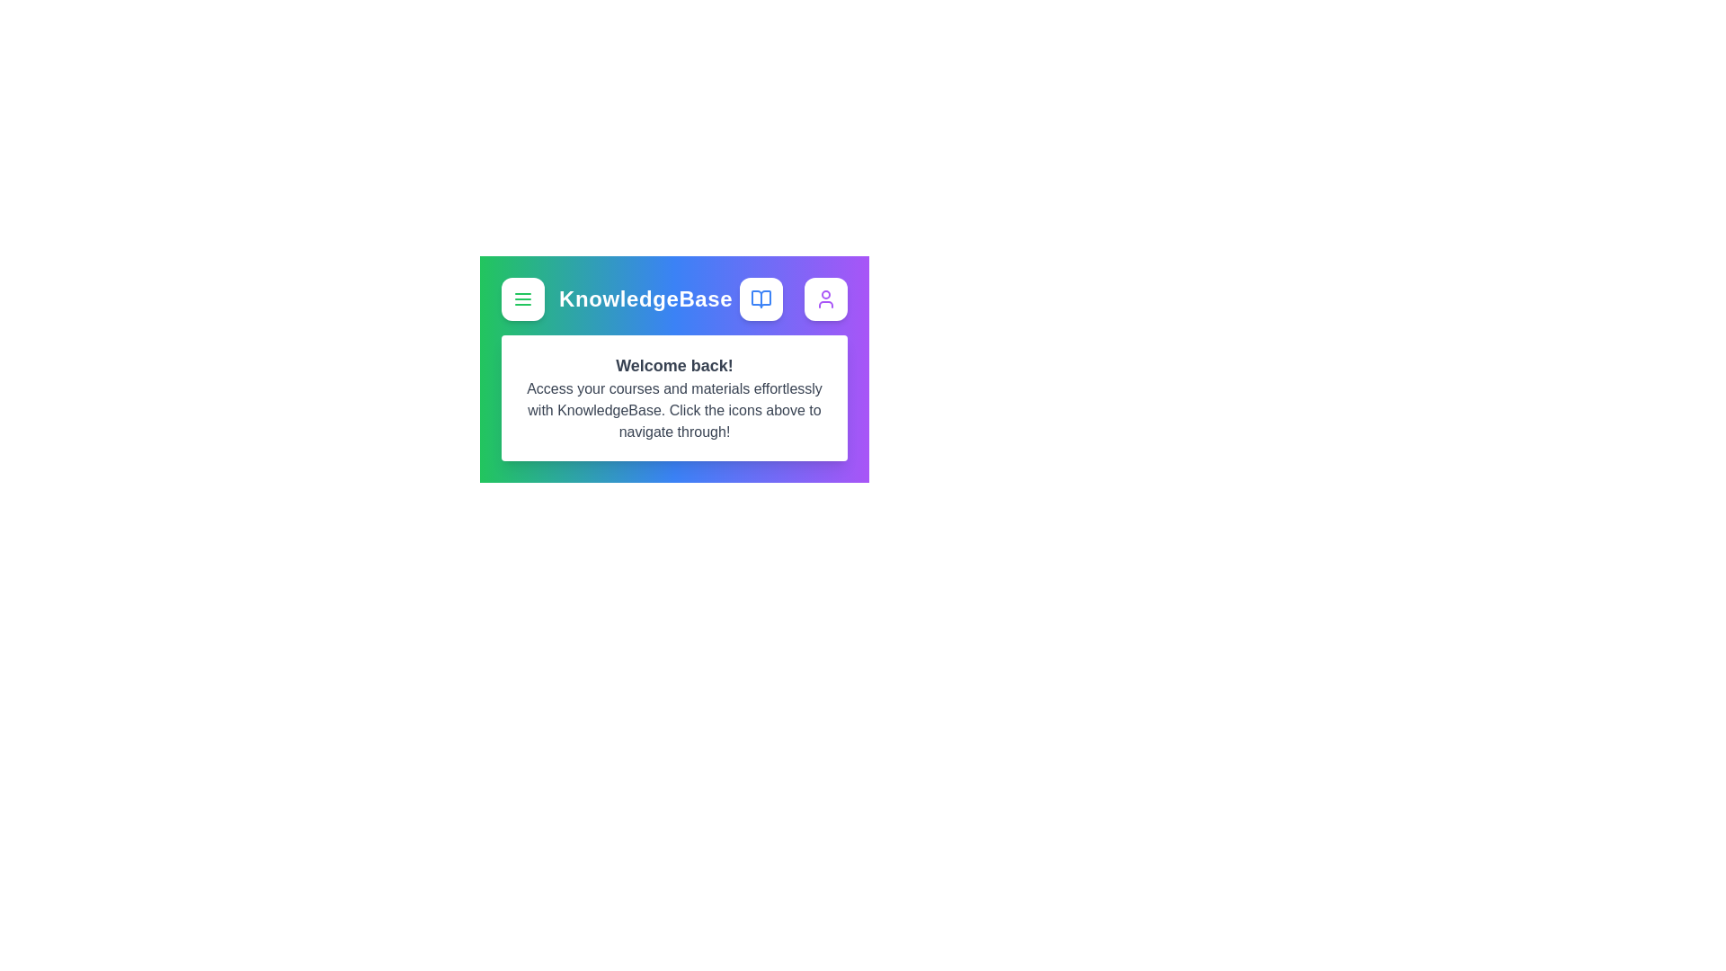 The height and width of the screenshot is (971, 1726). Describe the element at coordinates (761, 298) in the screenshot. I see `the book icon to navigate to the library or content page` at that location.